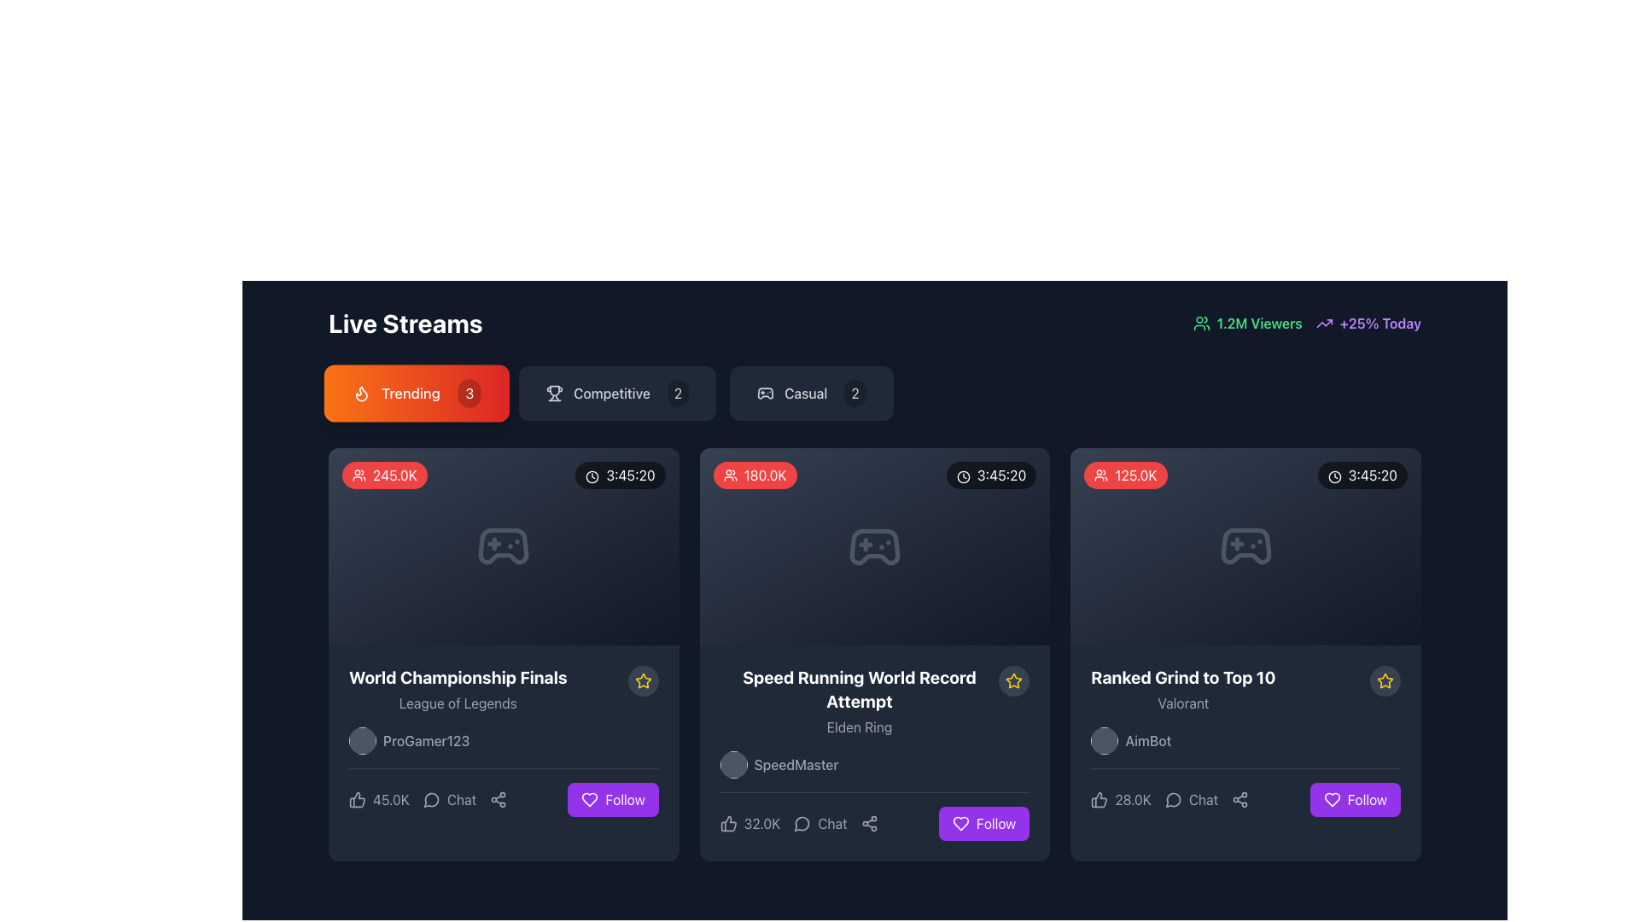  I want to click on the 'Trending' button, which is a horizontally elongated rectangular button with a gradient background from orange to red, containing a flame icon, the text 'Trending' in white, and a circular badge with the number '3'. This button is located under the 'Live Streams' header, positioned as the first button in a row of similar buttons, so click(417, 394).